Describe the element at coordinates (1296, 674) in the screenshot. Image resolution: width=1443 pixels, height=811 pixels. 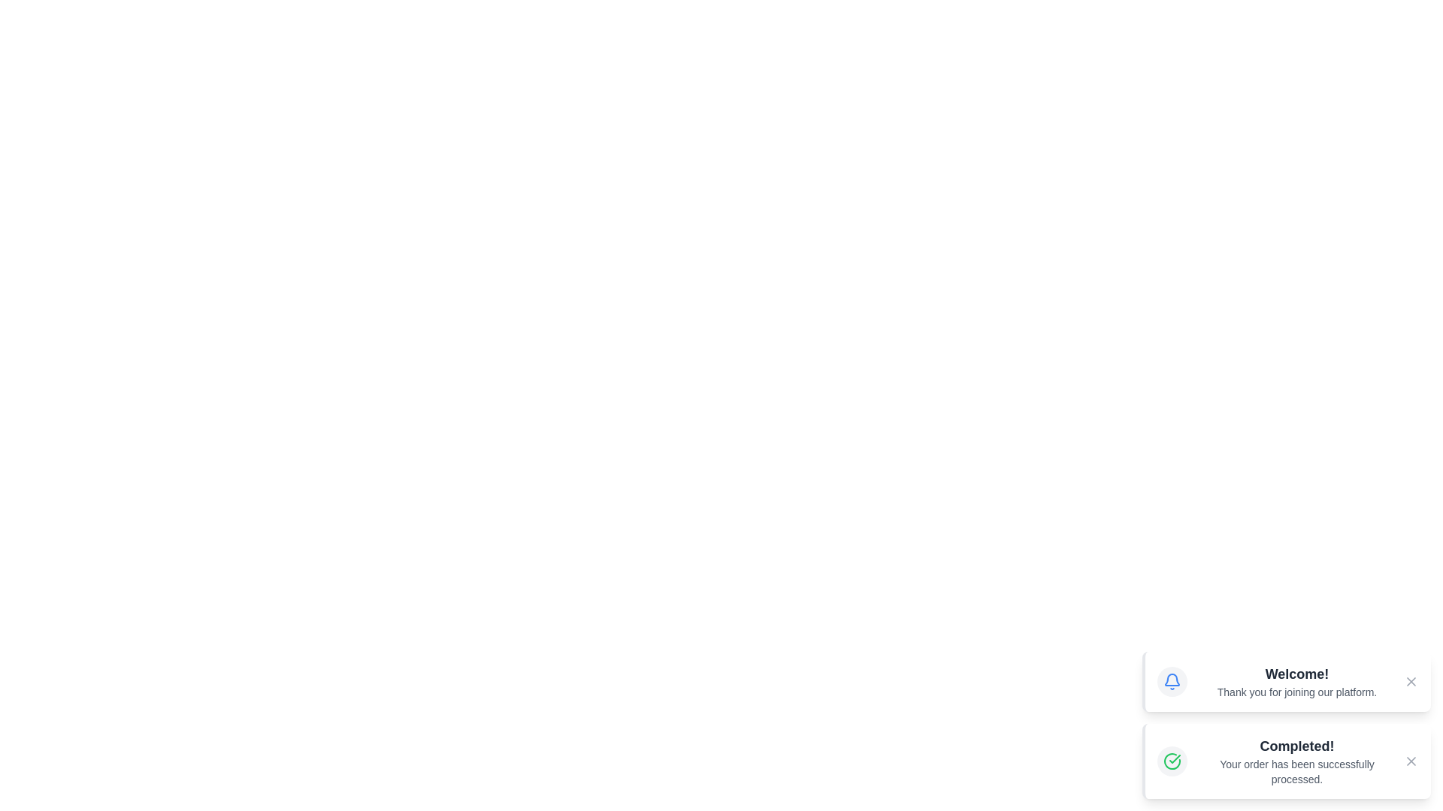
I see `the text of the alert to select it` at that location.